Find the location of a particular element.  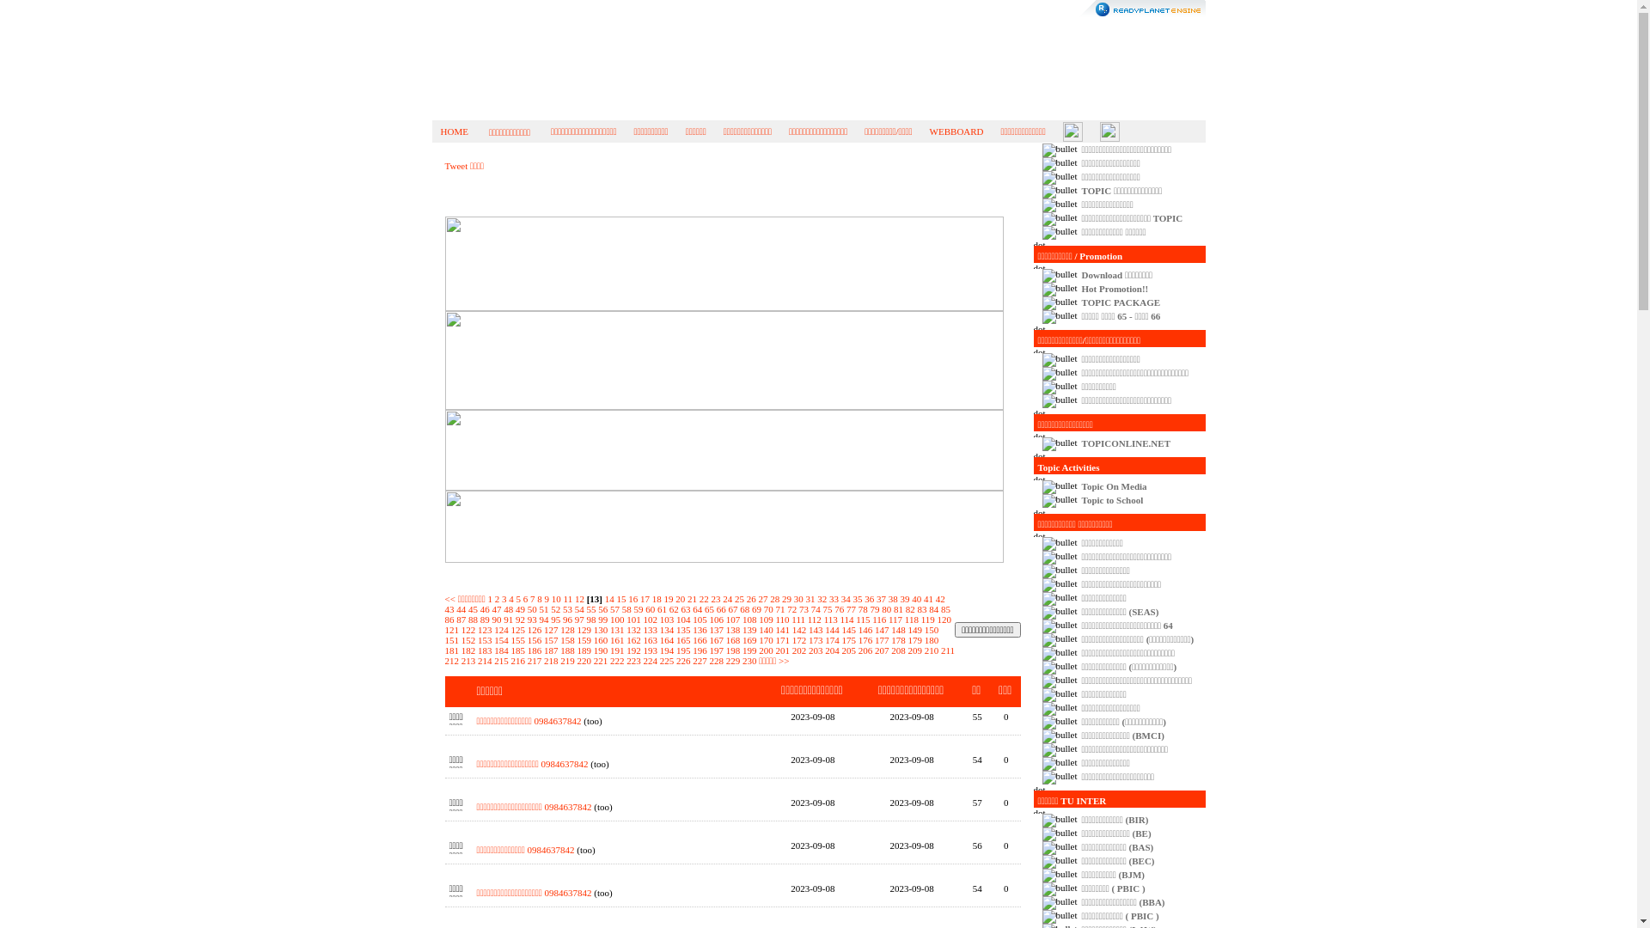

'133' is located at coordinates (649, 629).